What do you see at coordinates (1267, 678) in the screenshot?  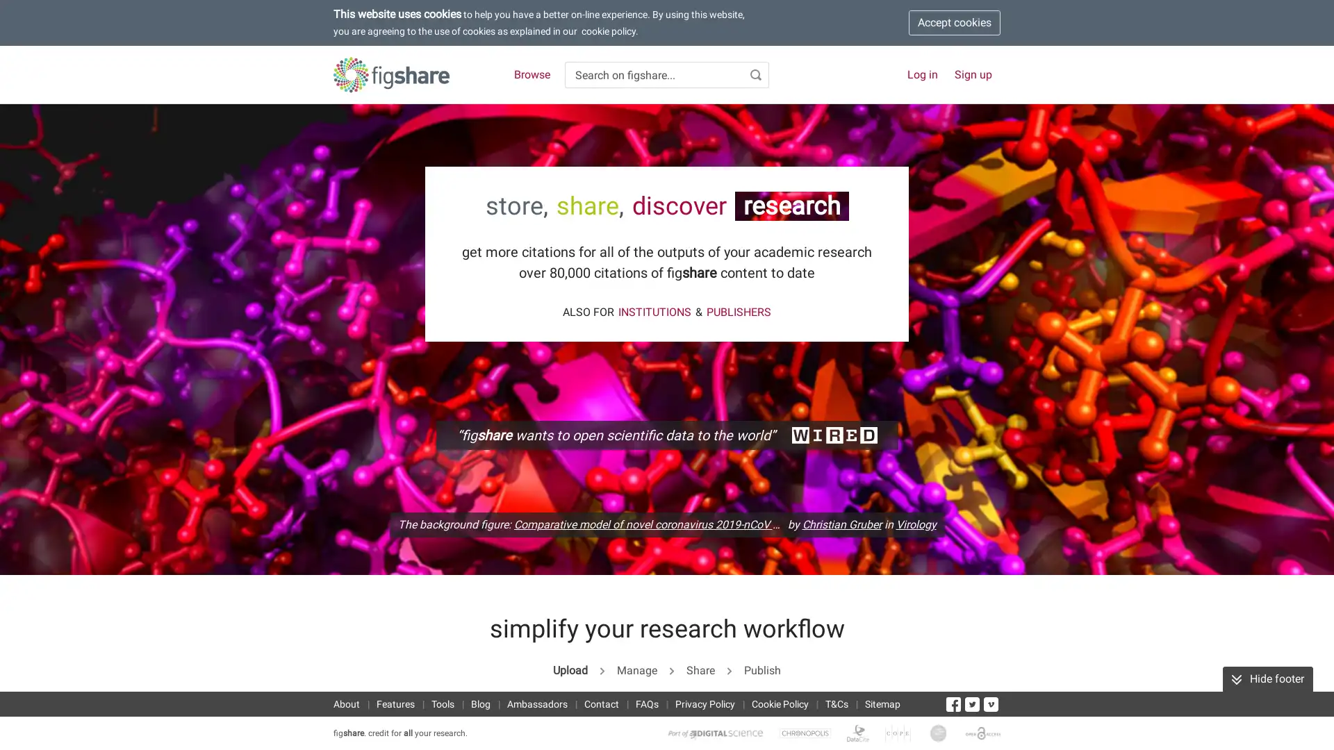 I see `Hide footer` at bounding box center [1267, 678].